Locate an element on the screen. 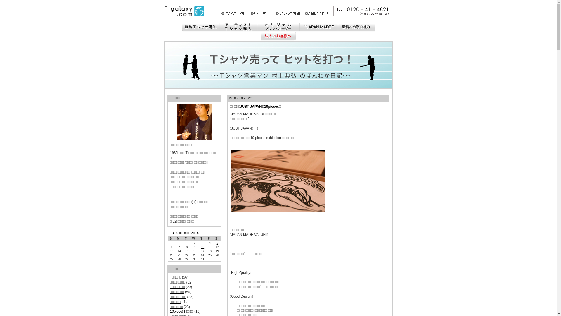 This screenshot has width=561, height=316. '19' is located at coordinates (217, 251).